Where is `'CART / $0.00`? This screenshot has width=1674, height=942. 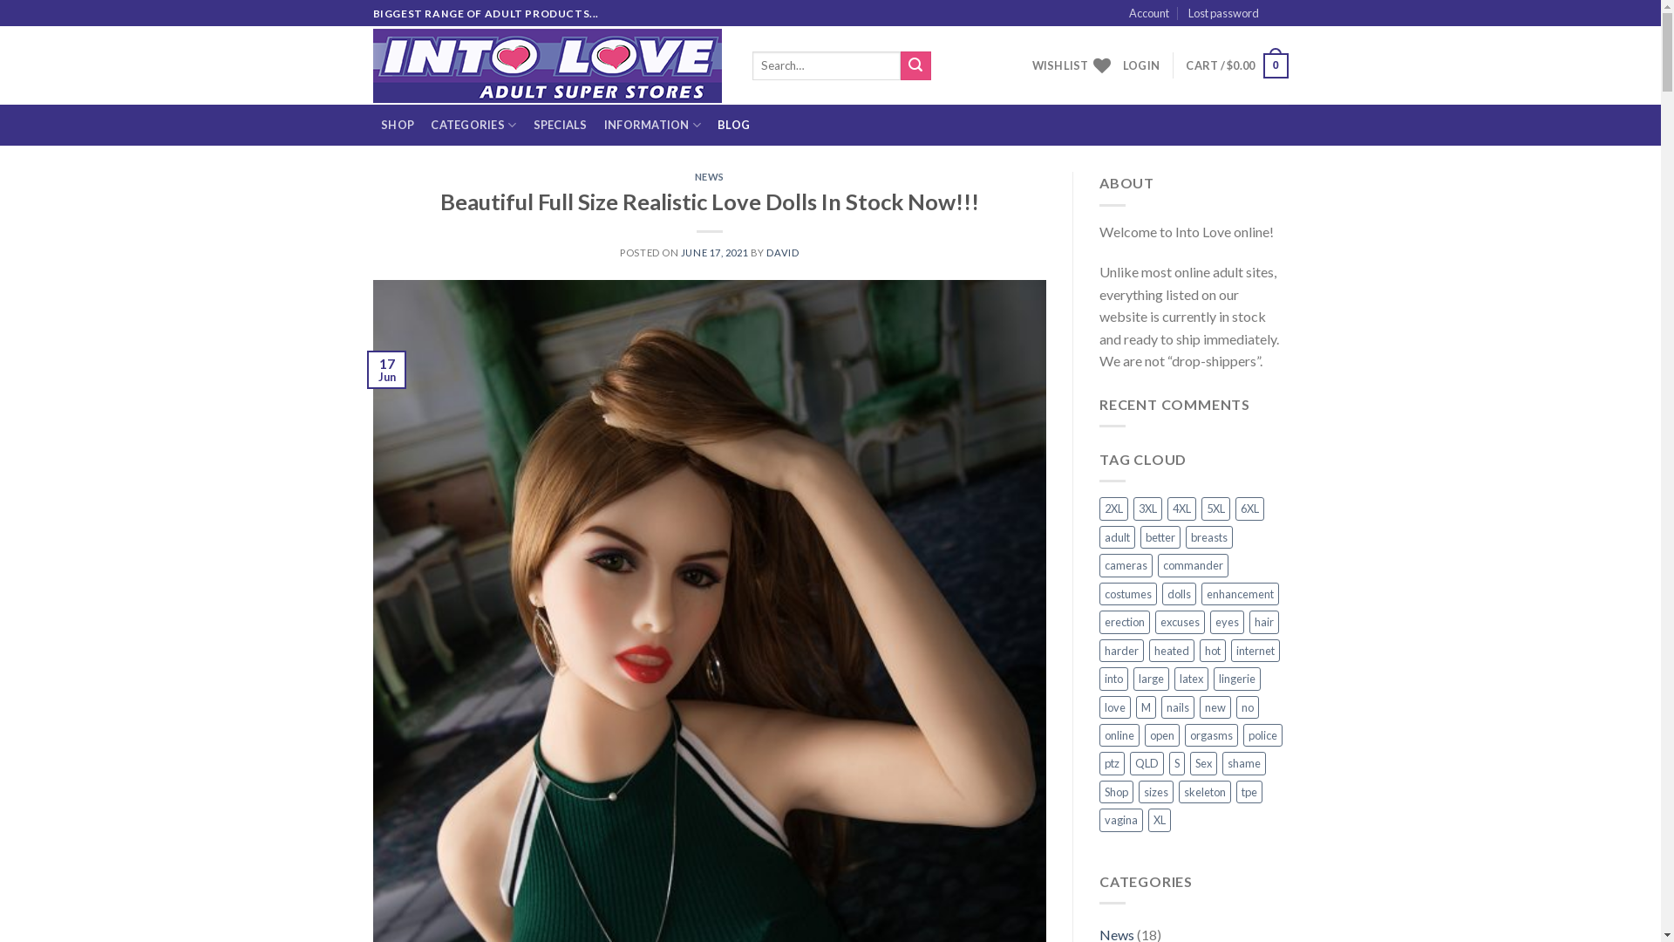
'CART / $0.00 is located at coordinates (1235, 65).